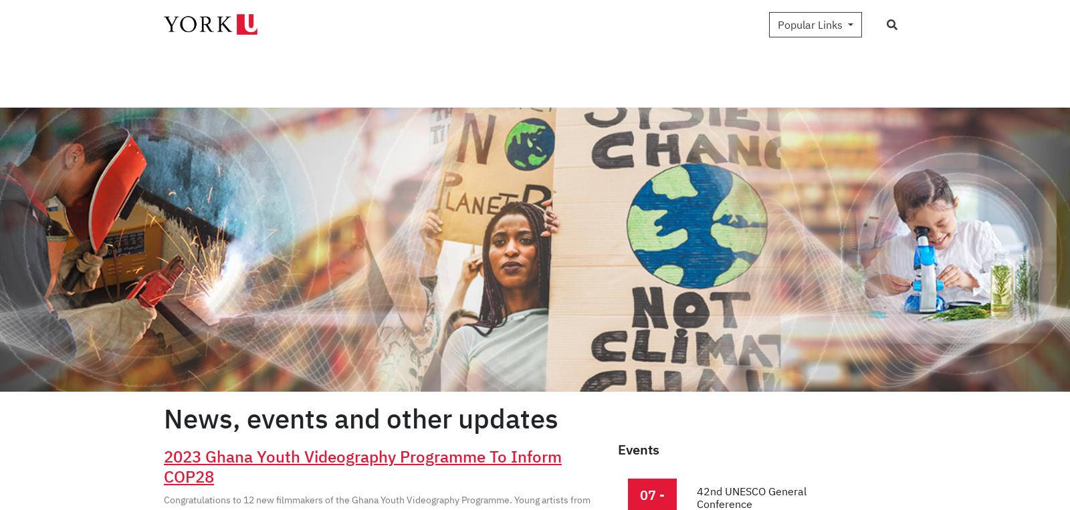 This screenshot has height=510, width=1070. What do you see at coordinates (882, 45) in the screenshot?
I see `'Contact'` at bounding box center [882, 45].